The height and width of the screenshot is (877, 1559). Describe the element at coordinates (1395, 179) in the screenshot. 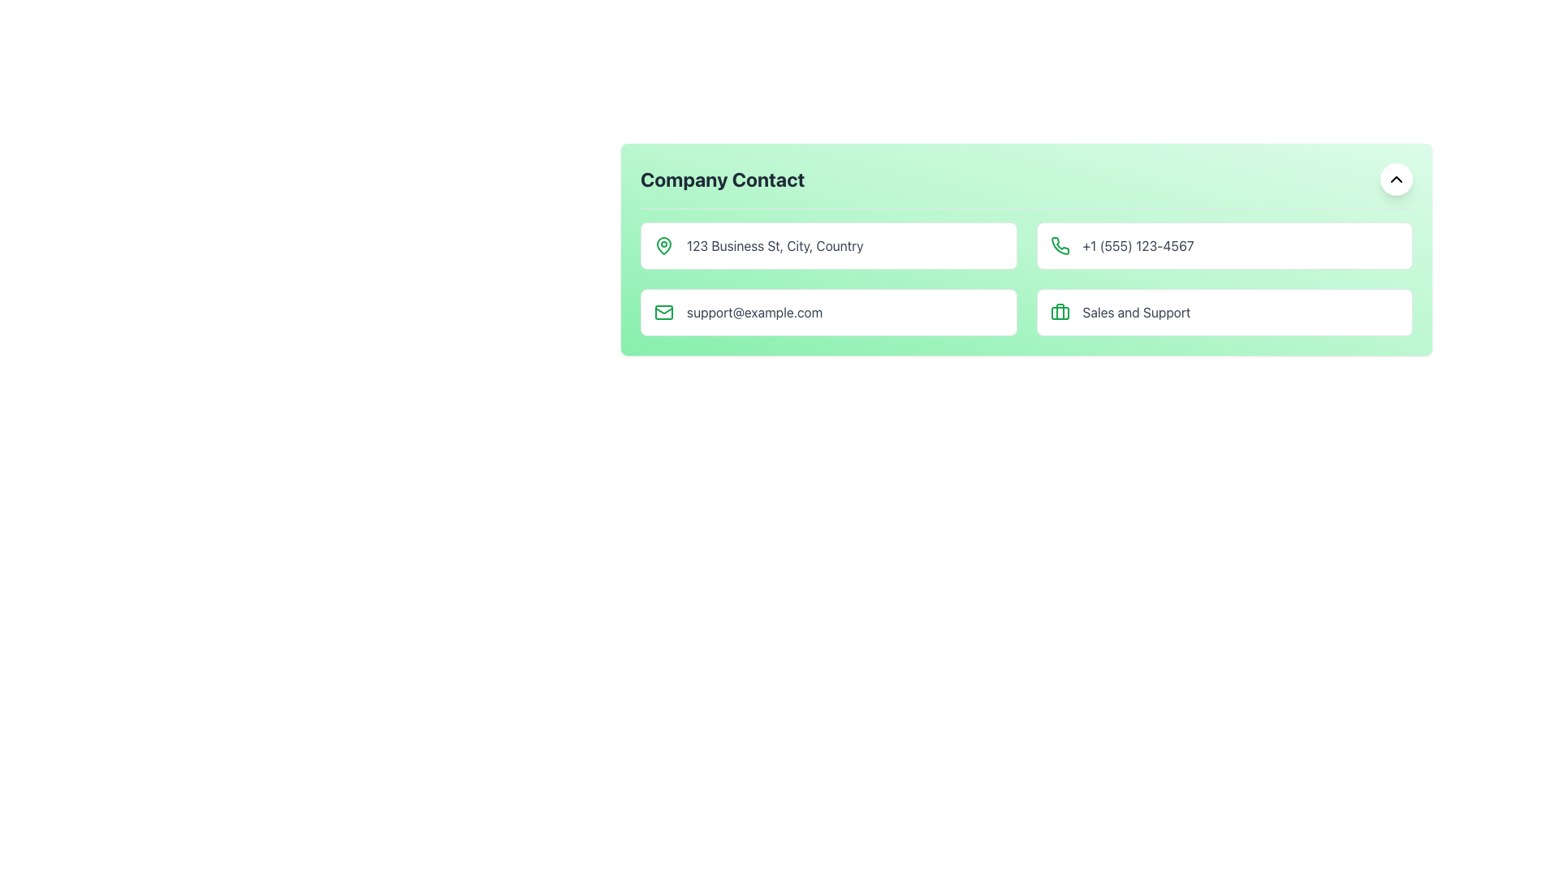

I see `on the downward-pointing chevron icon, which is outlined in black and located within a white circular background at the top-right corner of the green contact card interface` at that location.